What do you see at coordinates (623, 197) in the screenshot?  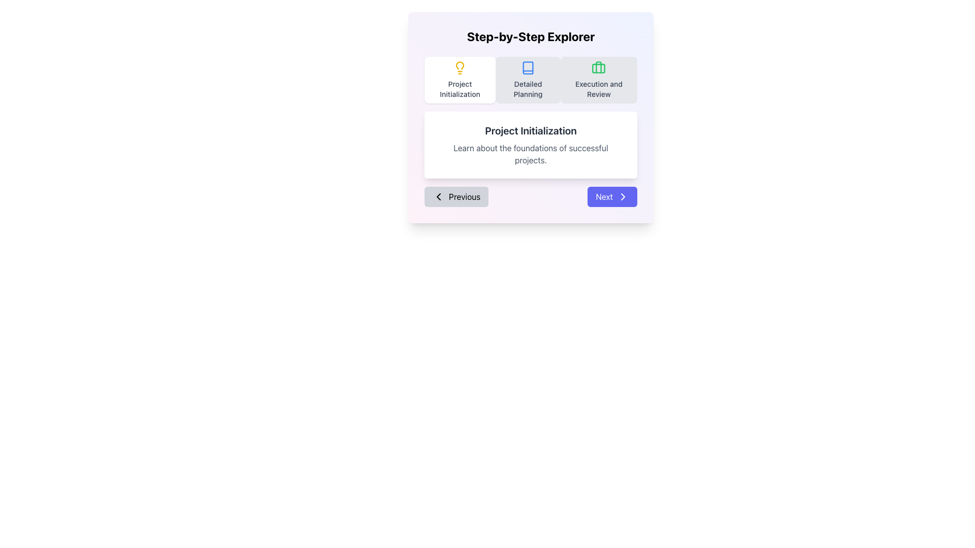 I see `the navigation arrow icon within the 'Next' button located at the bottom-right corner of the dialog box` at bounding box center [623, 197].